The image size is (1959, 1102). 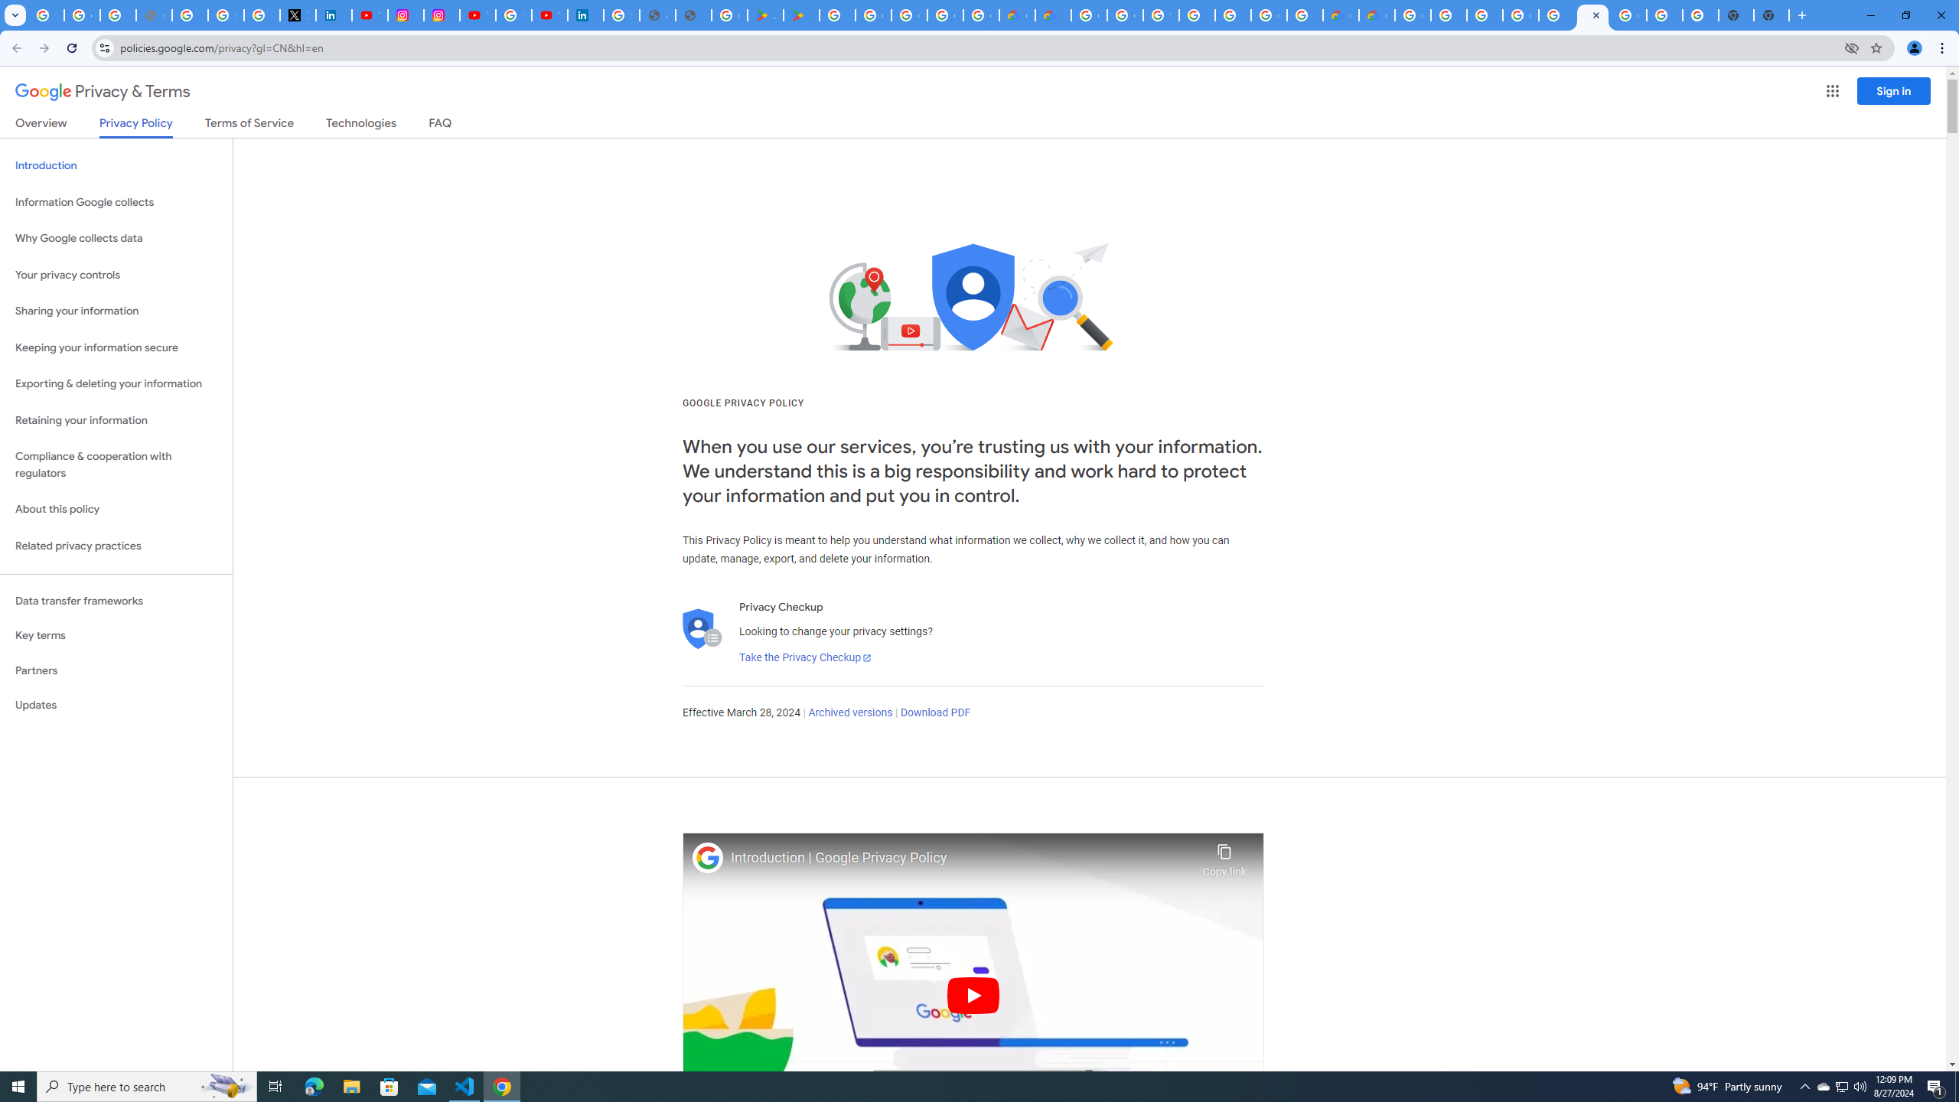 I want to click on 'Privacy Policy', so click(x=134, y=126).